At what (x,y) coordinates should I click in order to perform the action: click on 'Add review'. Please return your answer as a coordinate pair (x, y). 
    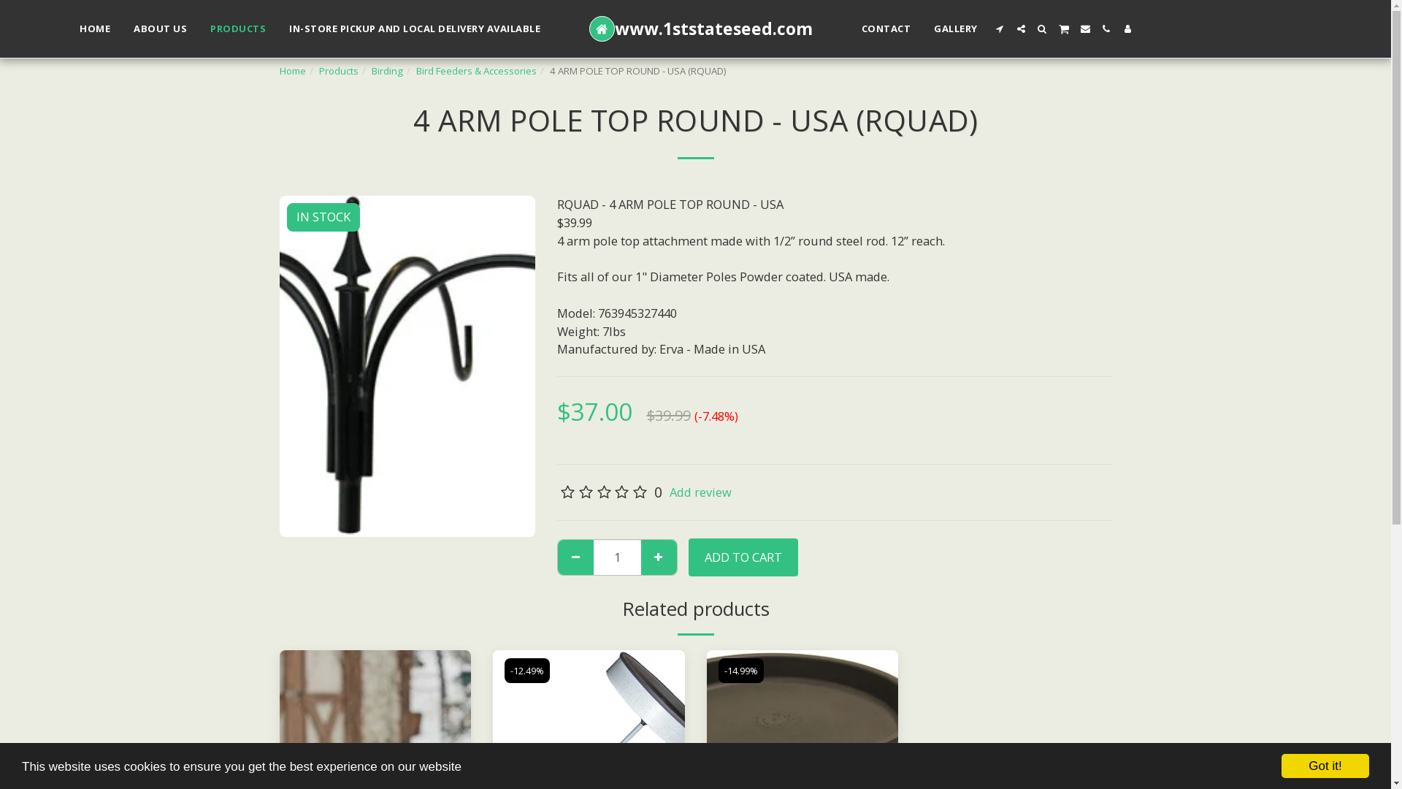
    Looking at the image, I should click on (700, 492).